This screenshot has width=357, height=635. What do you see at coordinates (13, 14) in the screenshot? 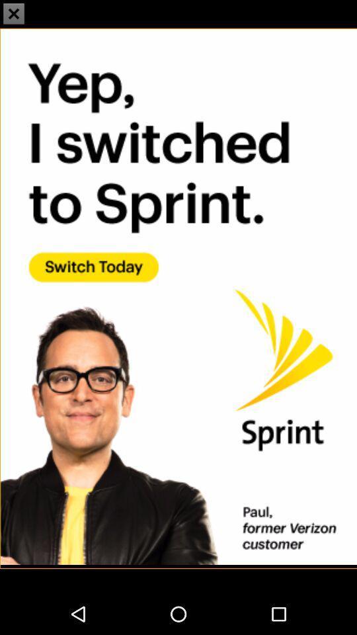
I see `the close icon` at bounding box center [13, 14].